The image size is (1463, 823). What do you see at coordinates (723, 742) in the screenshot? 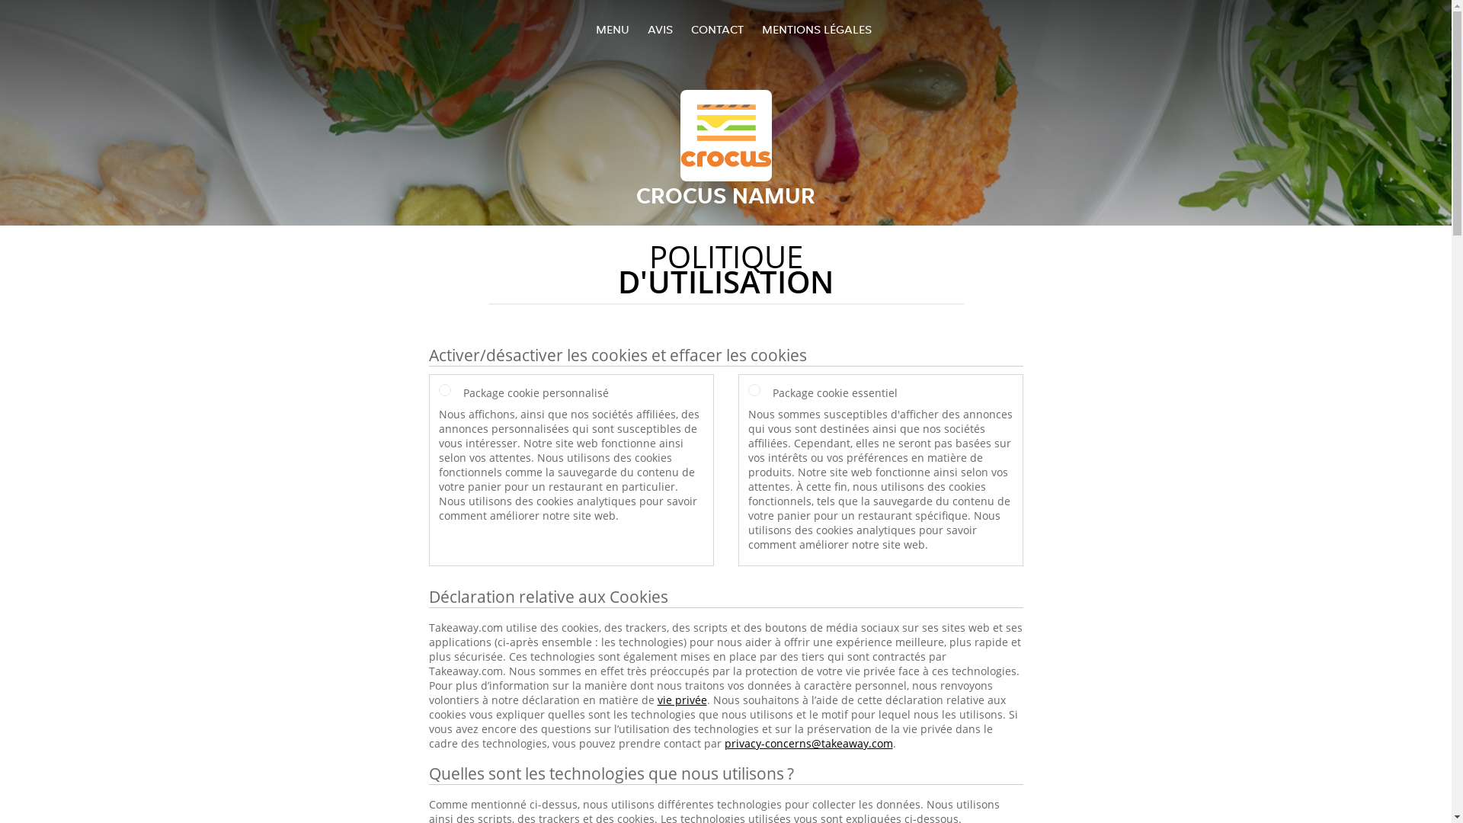
I see `'privacy-concerns@takeaway.com'` at bounding box center [723, 742].